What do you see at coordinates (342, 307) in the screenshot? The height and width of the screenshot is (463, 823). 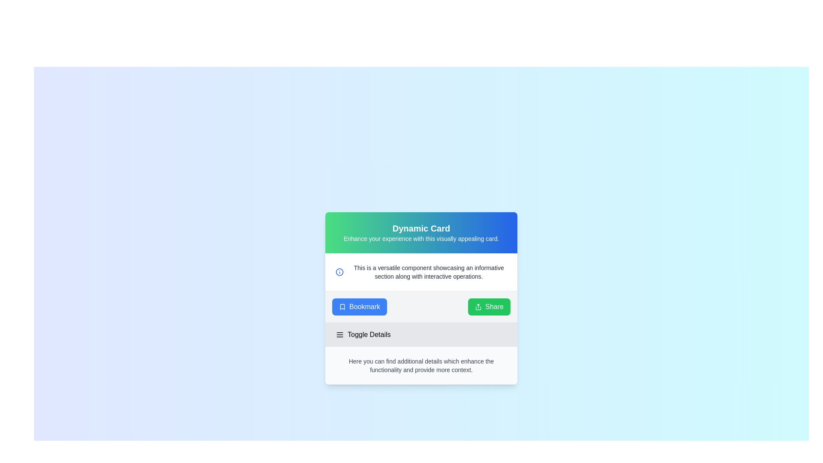 I see `the SVG-based bookmark icon element visually representing the Bookmark functionality adjacent to the 'Bookmark' button label` at bounding box center [342, 307].